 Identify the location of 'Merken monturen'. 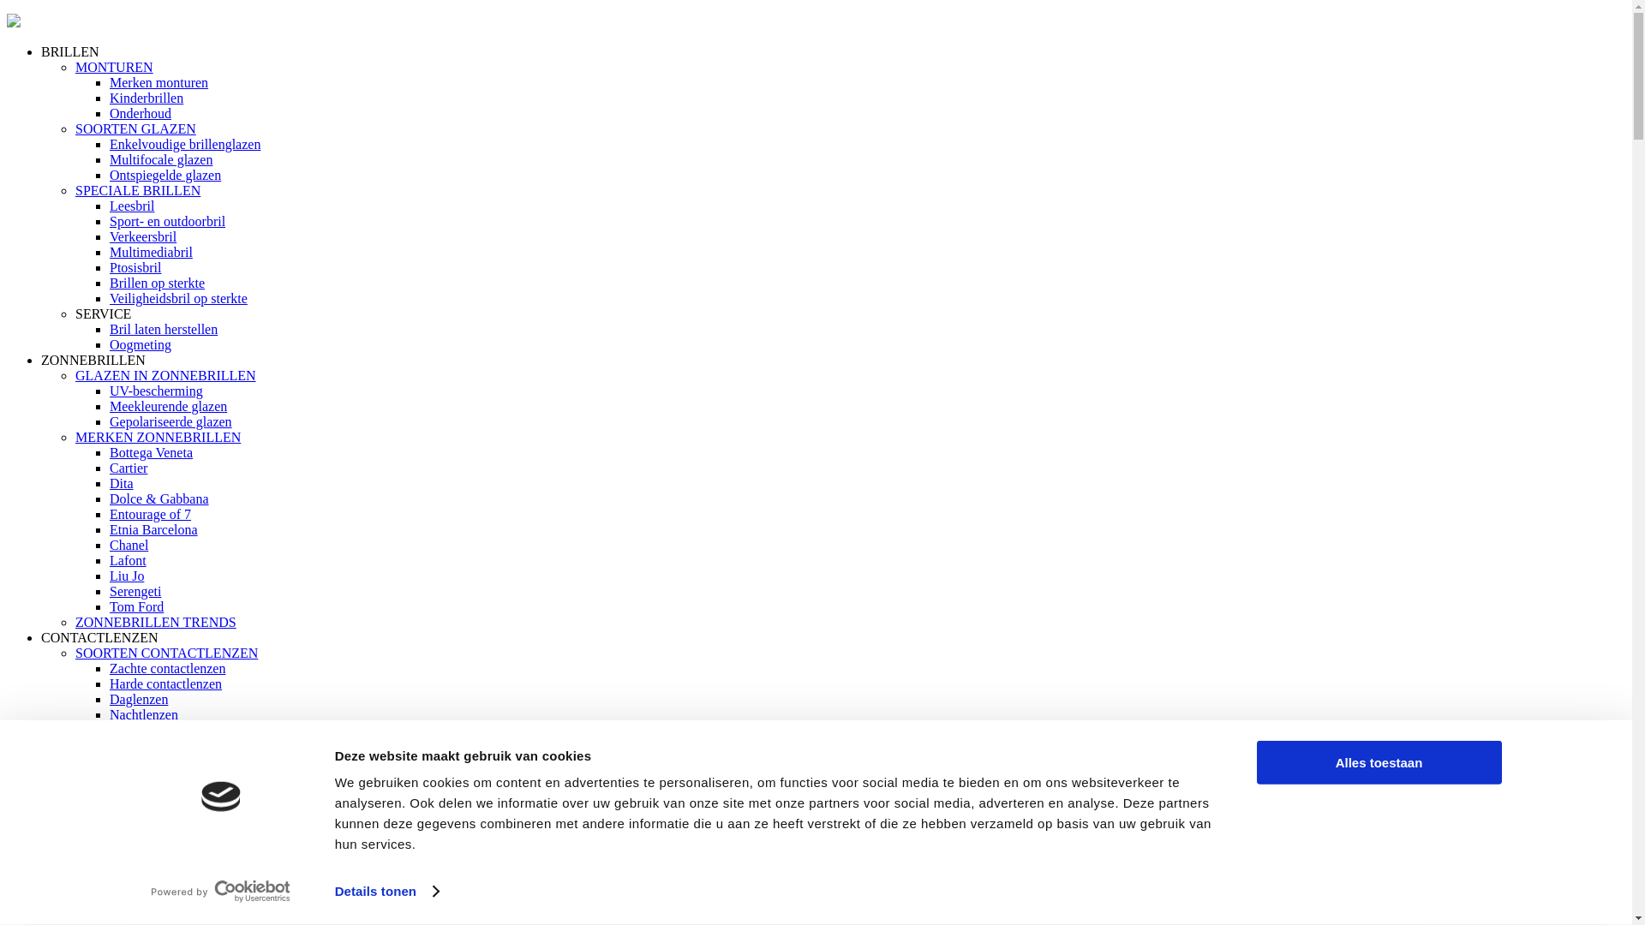
(159, 82).